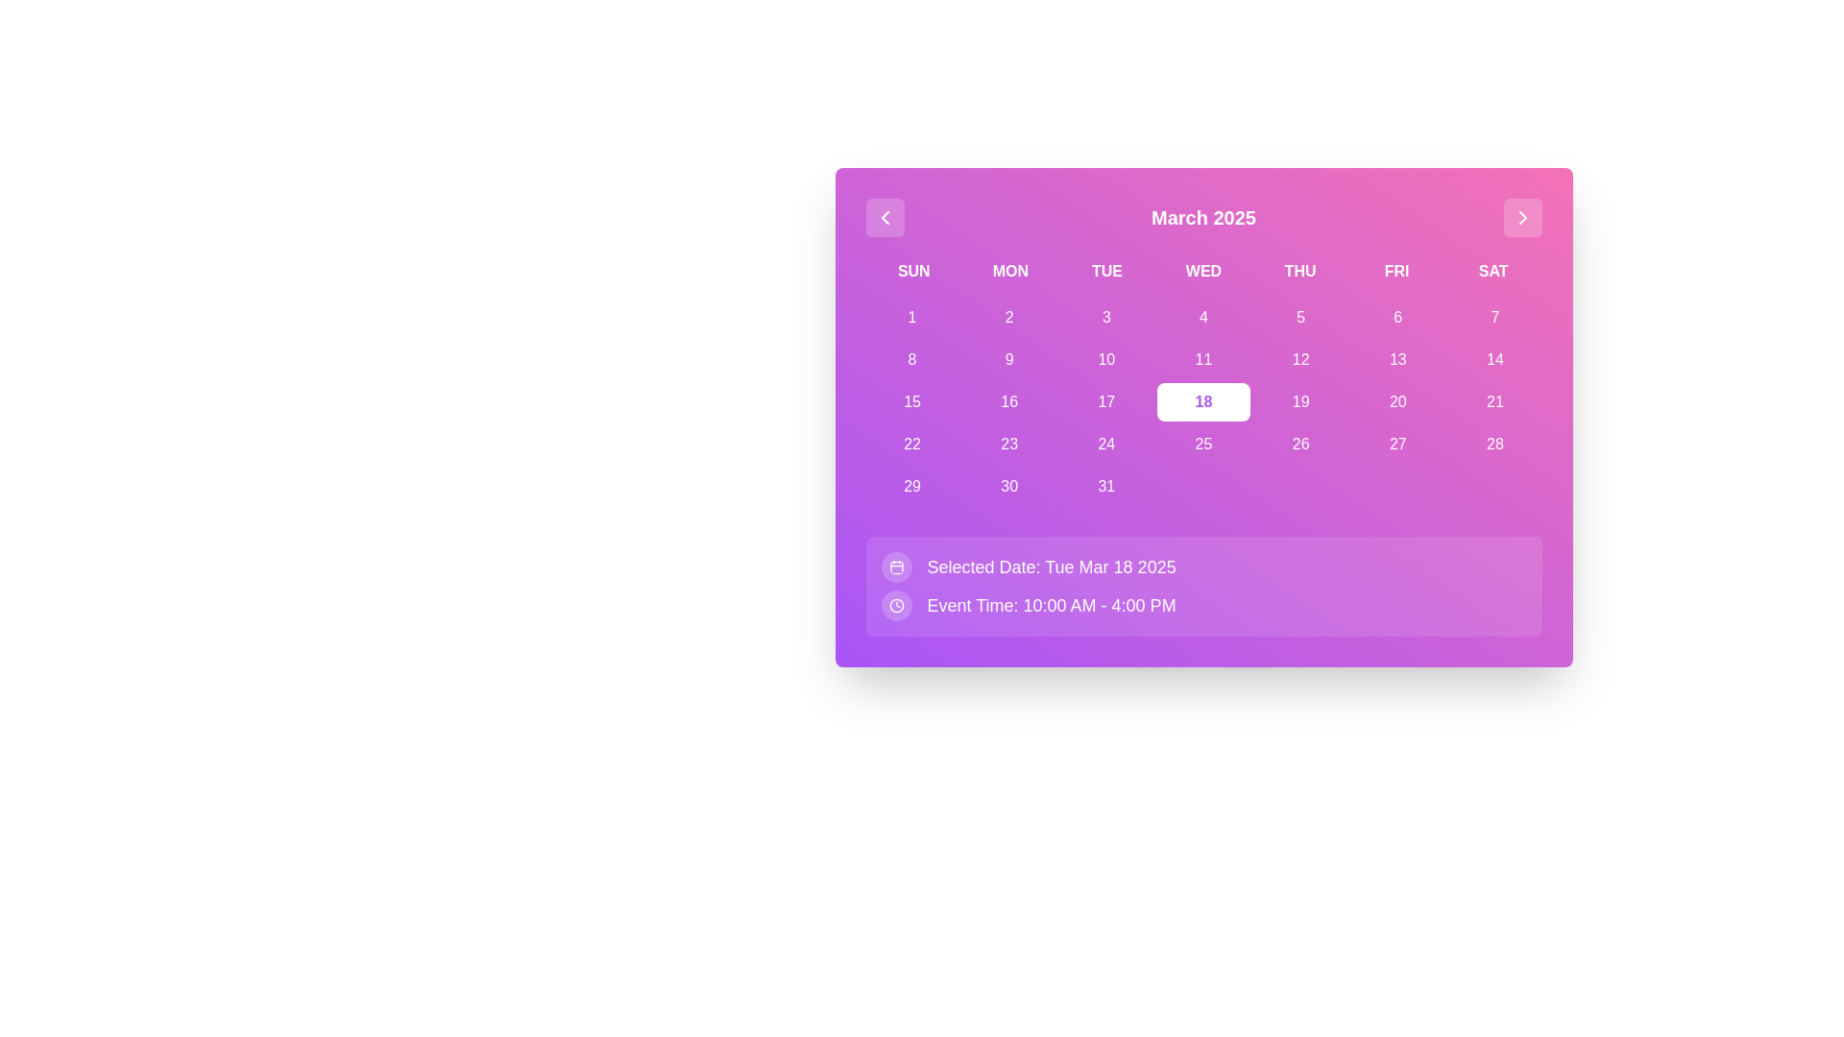 The height and width of the screenshot is (1037, 1844). I want to click on the static label group displaying the days of the week (Sun, Mon, Tue, etc.) located at the top of the calendar interface, just below the month and year title, so click(1202, 271).